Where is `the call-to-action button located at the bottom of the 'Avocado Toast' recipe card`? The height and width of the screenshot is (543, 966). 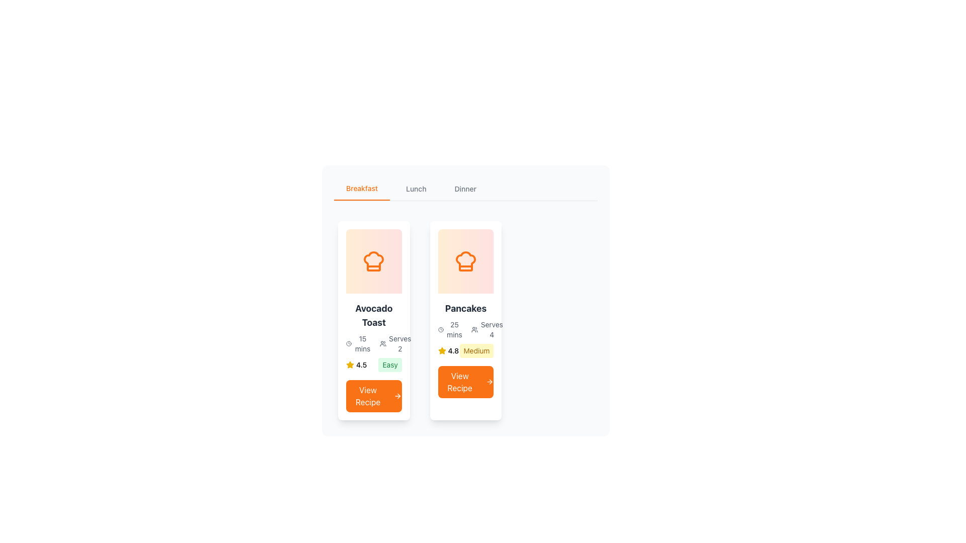
the call-to-action button located at the bottom of the 'Avocado Toast' recipe card is located at coordinates (373, 395).